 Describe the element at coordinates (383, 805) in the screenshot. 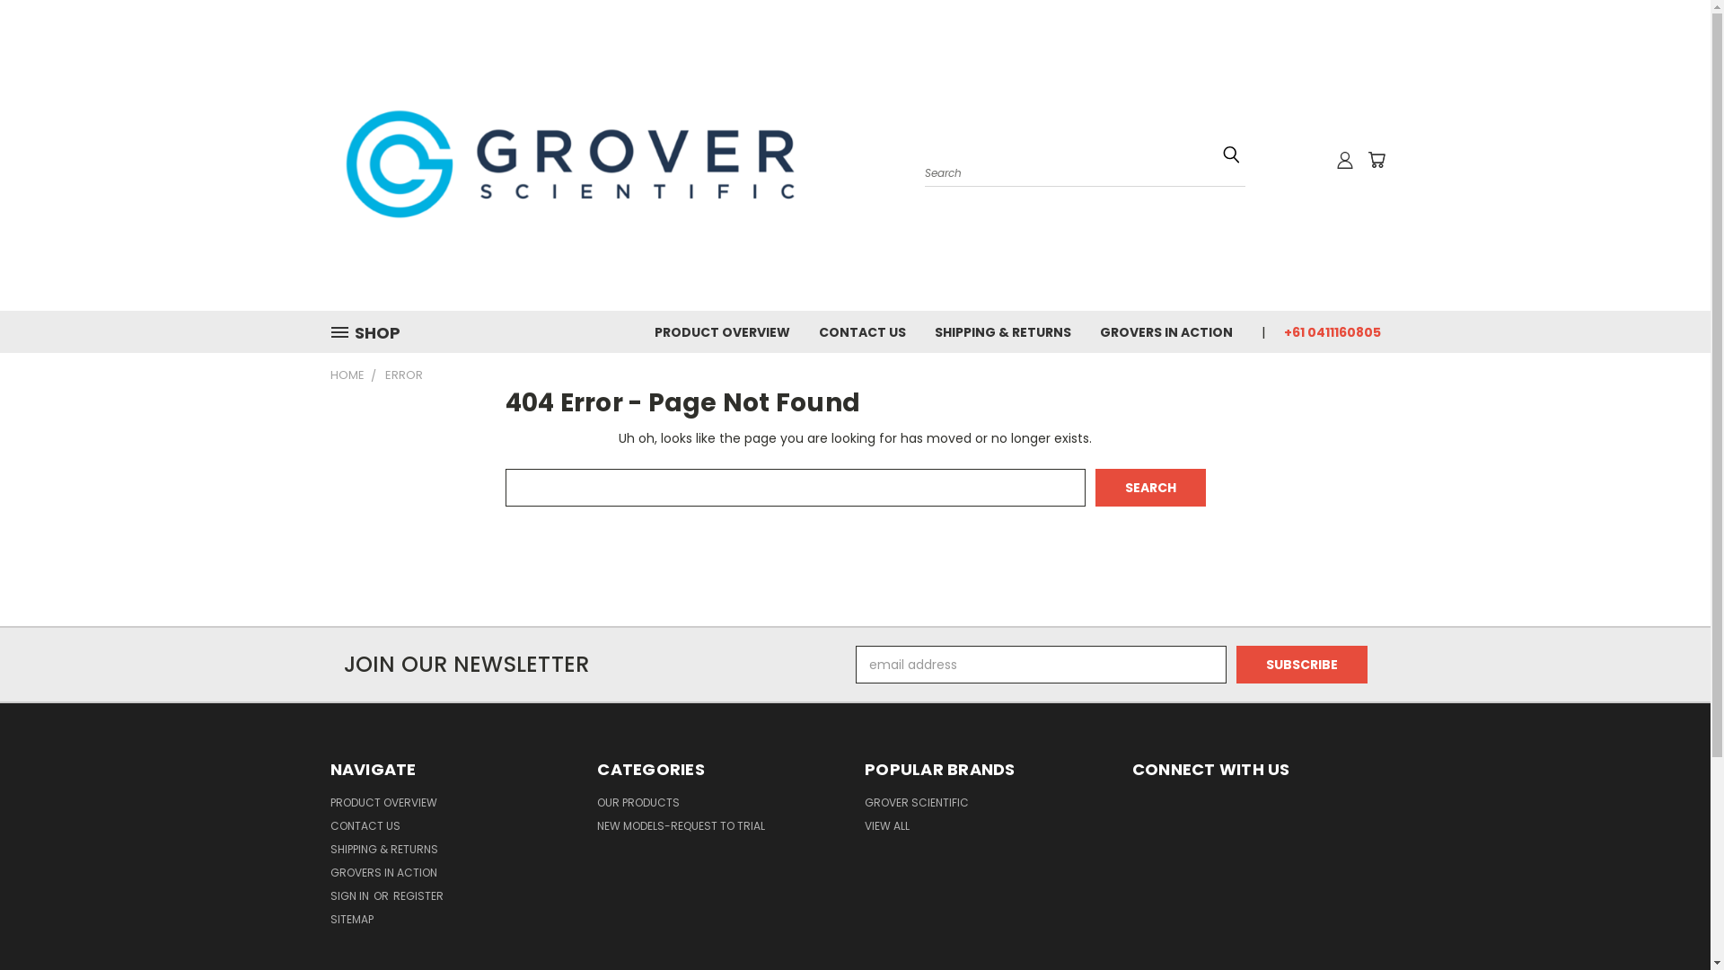

I see `'PRODUCT OVERVIEW'` at that location.